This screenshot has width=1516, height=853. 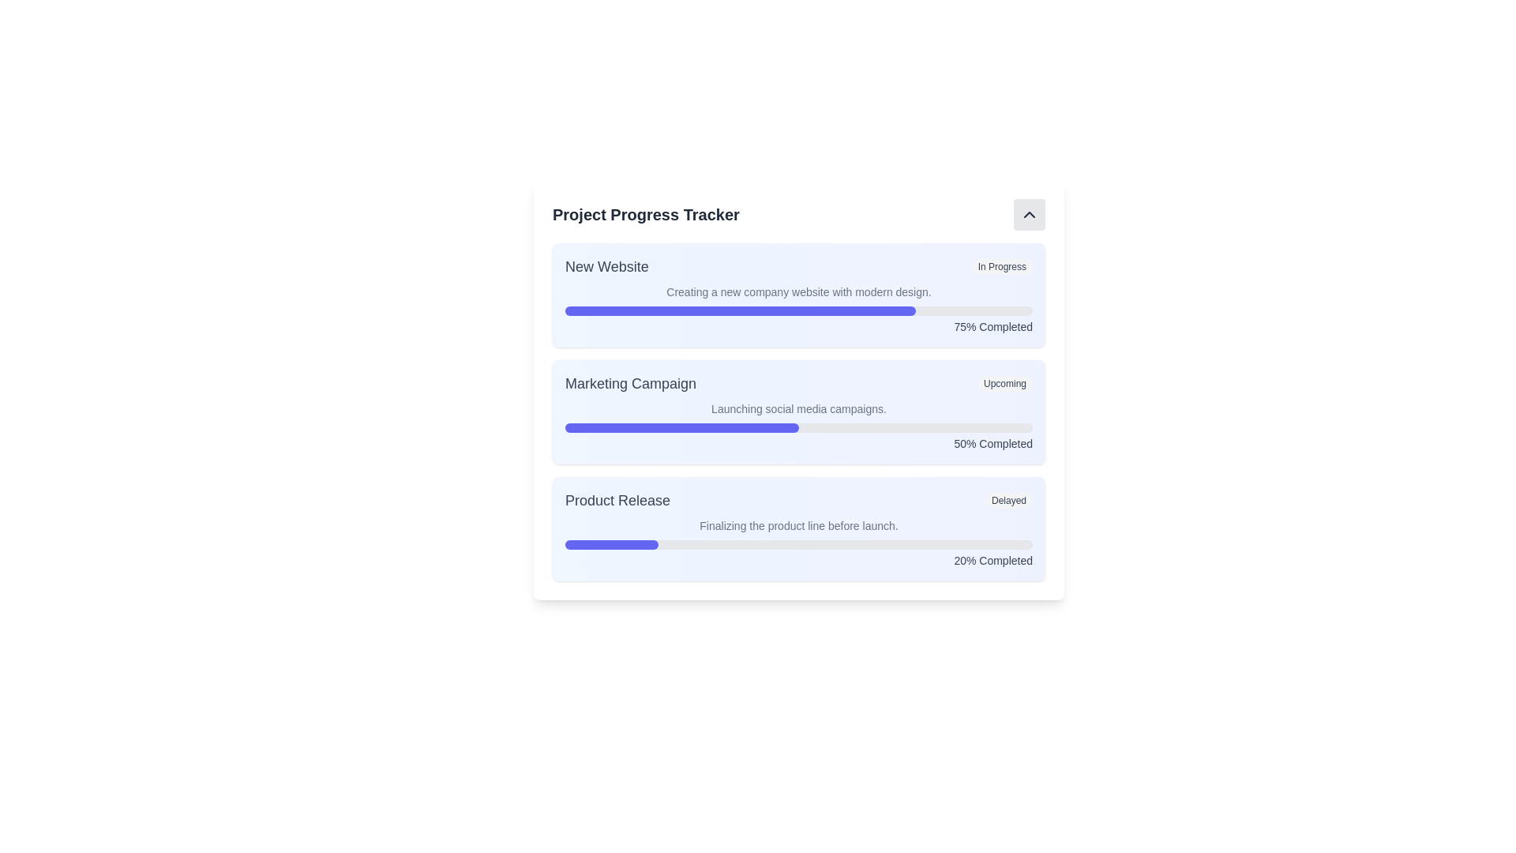 What do you see at coordinates (799, 544) in the screenshot?
I see `the horizontal progress bar in the 'Product Release' section, which is indicated by the light gray background and the indigo-colored bar showing 20% progress` at bounding box center [799, 544].